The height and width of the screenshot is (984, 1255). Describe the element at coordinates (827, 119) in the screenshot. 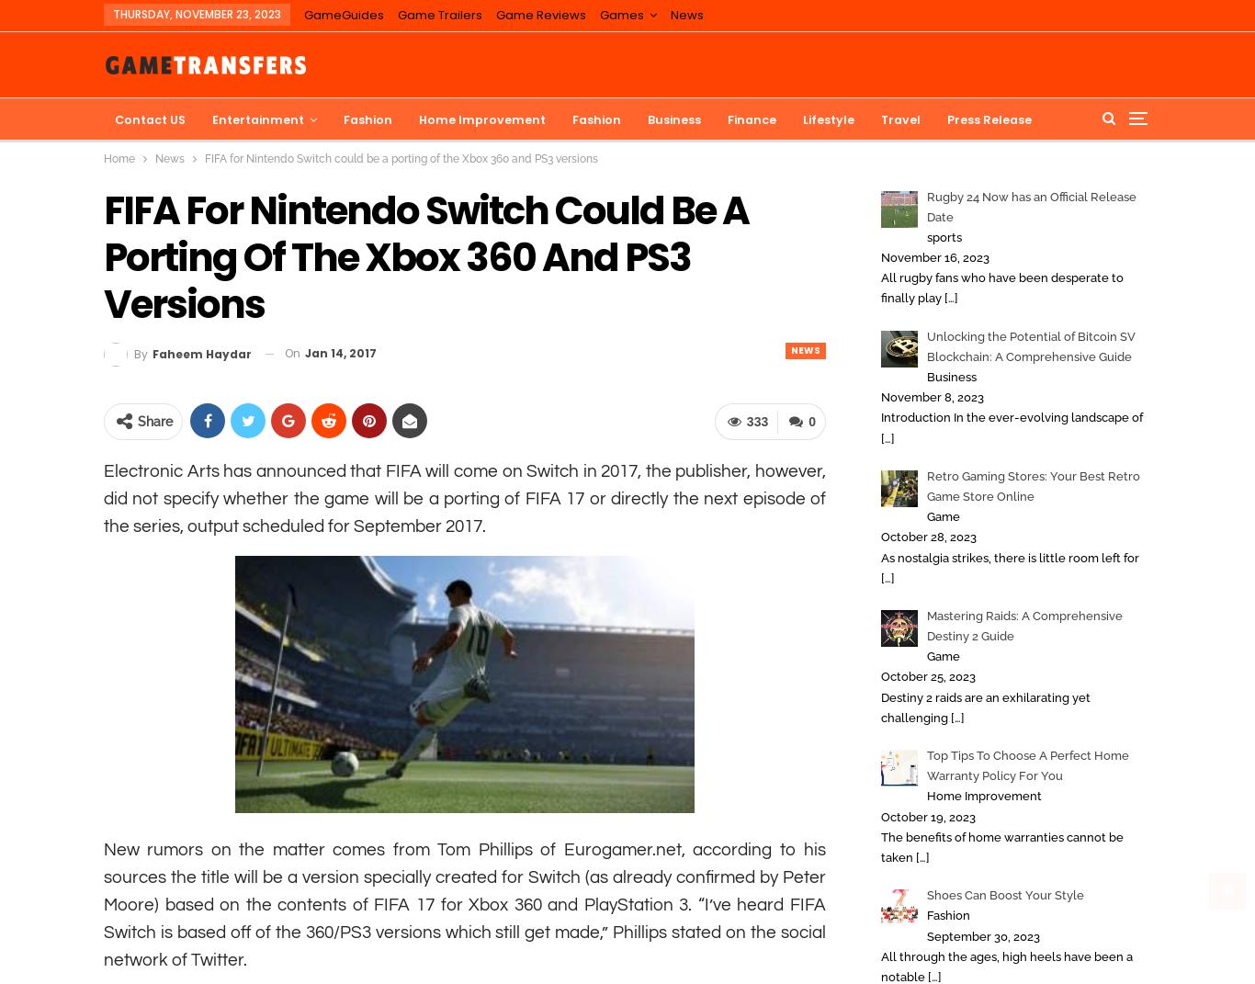

I see `'Lifestyle'` at that location.